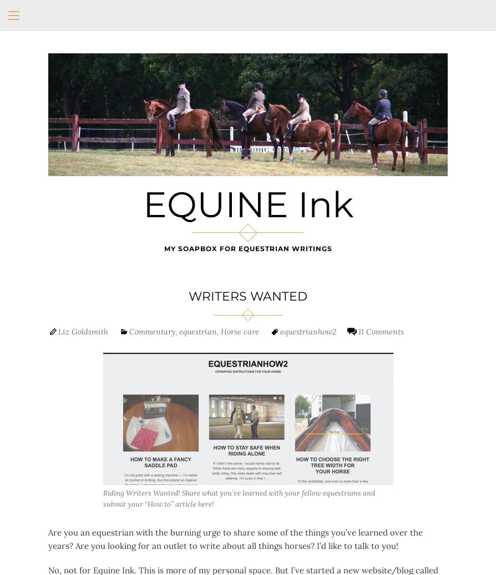 This screenshot has height=575, width=496. Describe the element at coordinates (308, 330) in the screenshot. I see `'equestrianhow2'` at that location.